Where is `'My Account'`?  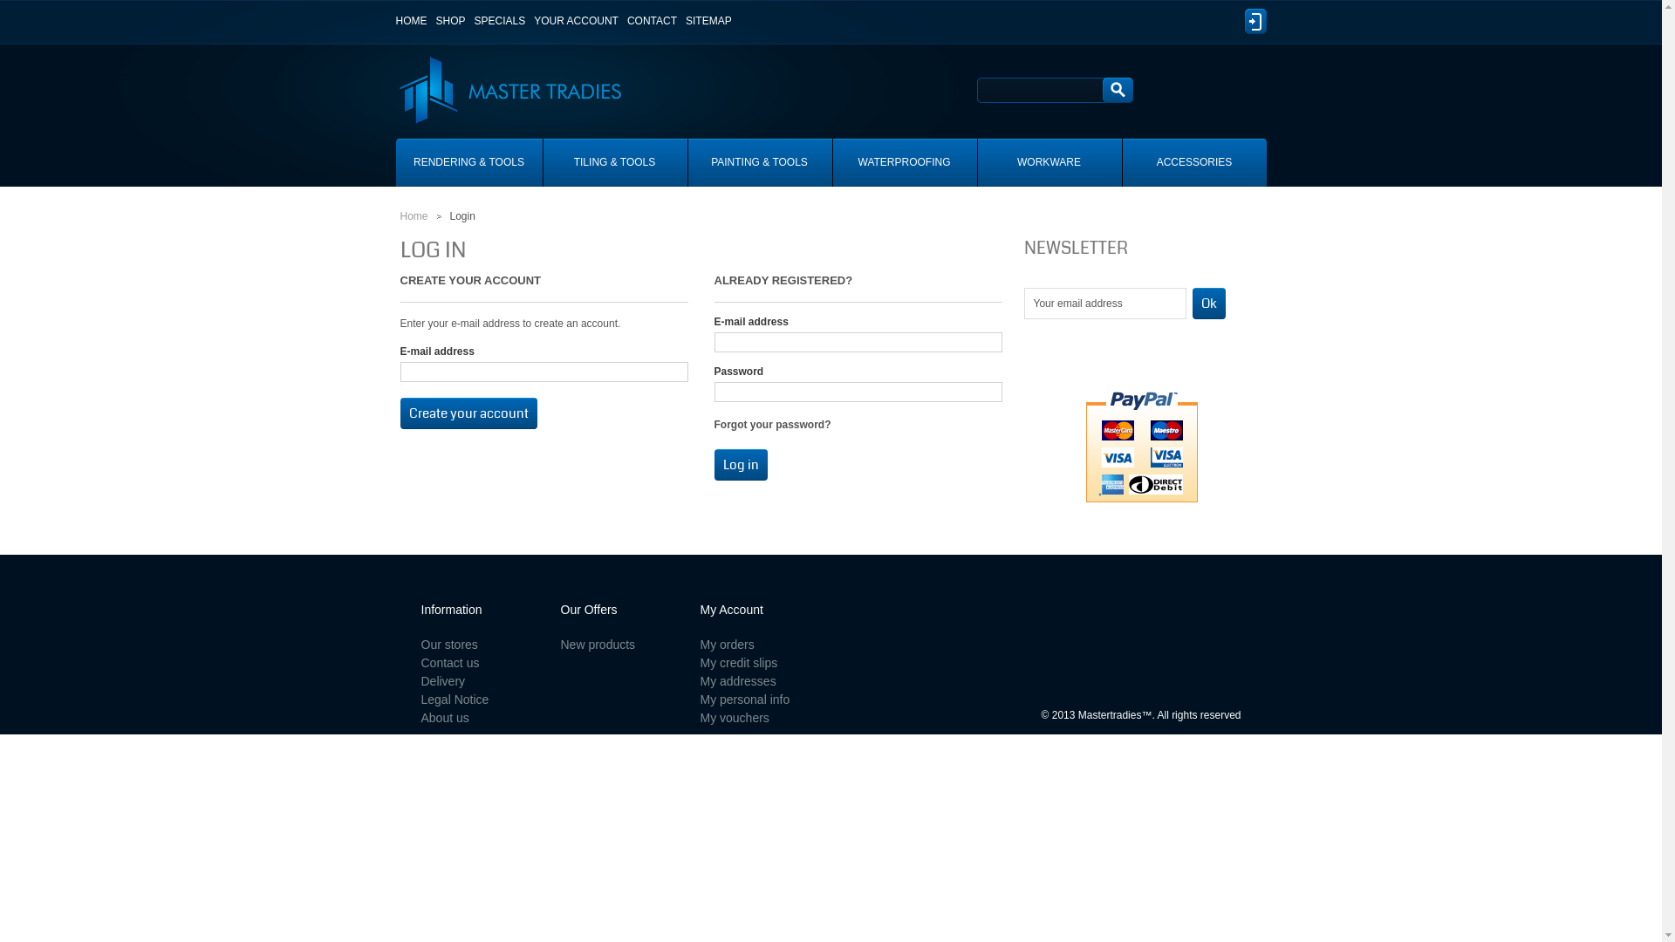
'My Account' is located at coordinates (731, 608).